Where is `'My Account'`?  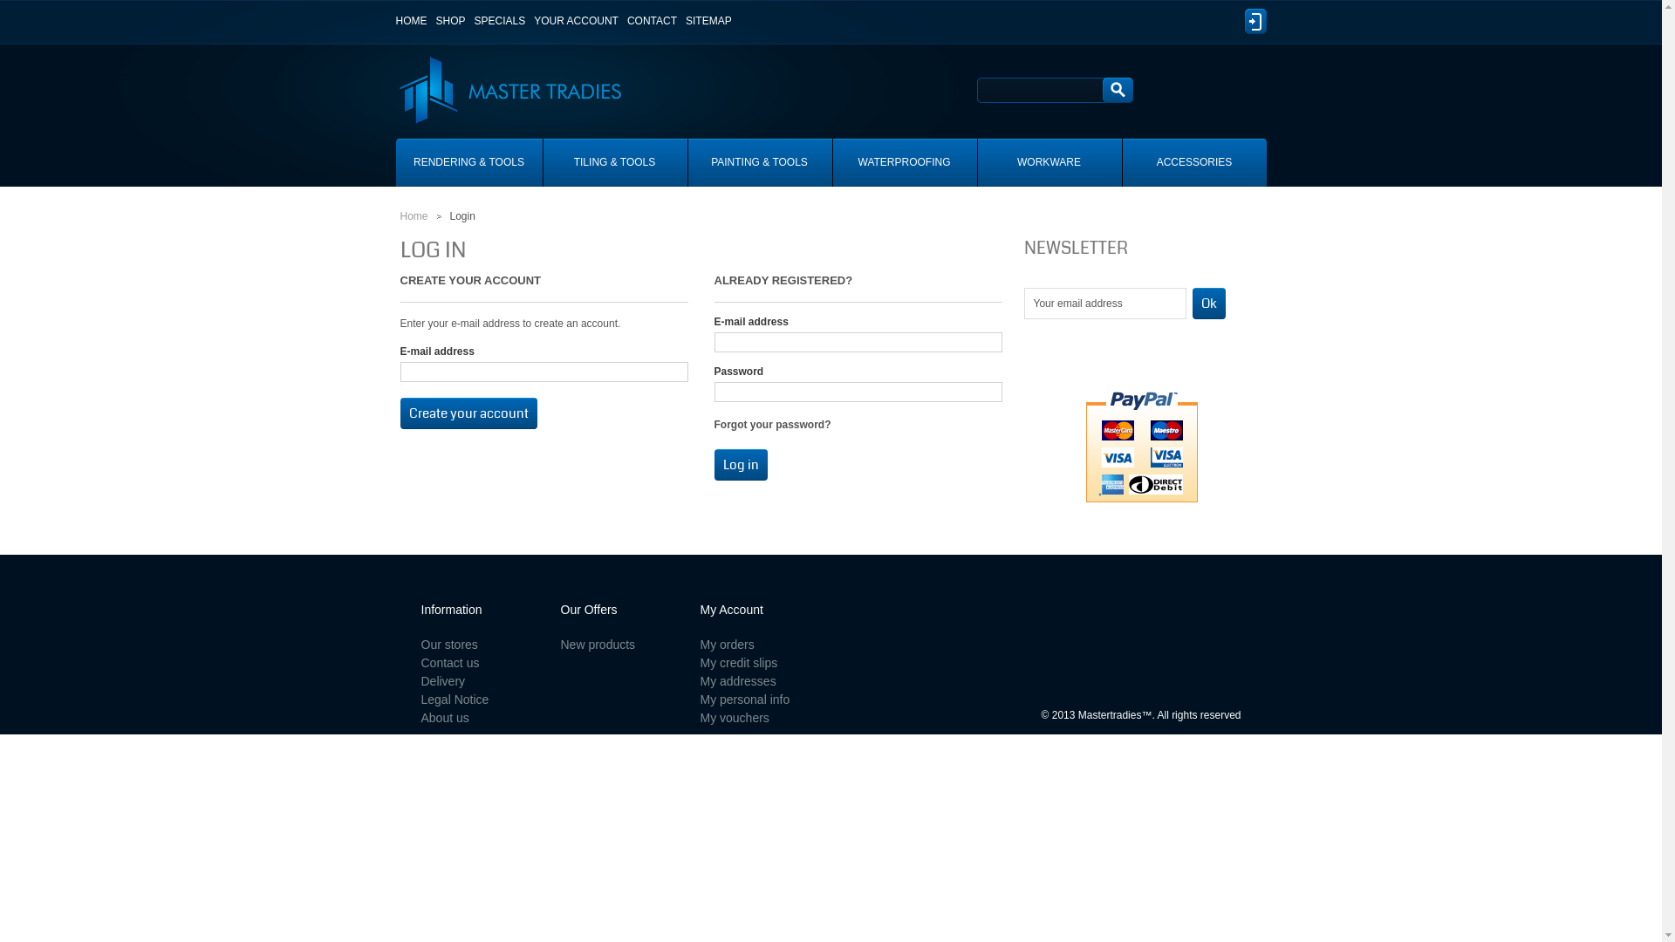
'My Account' is located at coordinates (731, 608).